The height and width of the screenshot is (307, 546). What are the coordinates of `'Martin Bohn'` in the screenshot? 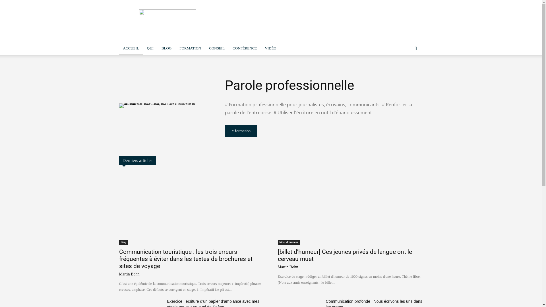 It's located at (288, 267).